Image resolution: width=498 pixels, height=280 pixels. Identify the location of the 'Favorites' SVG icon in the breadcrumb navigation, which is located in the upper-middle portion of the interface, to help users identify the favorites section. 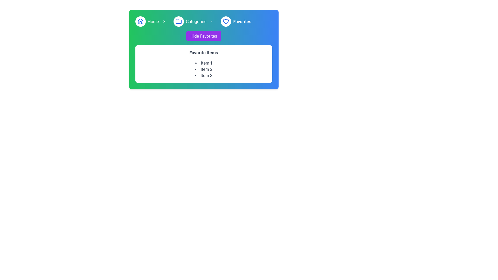
(226, 21).